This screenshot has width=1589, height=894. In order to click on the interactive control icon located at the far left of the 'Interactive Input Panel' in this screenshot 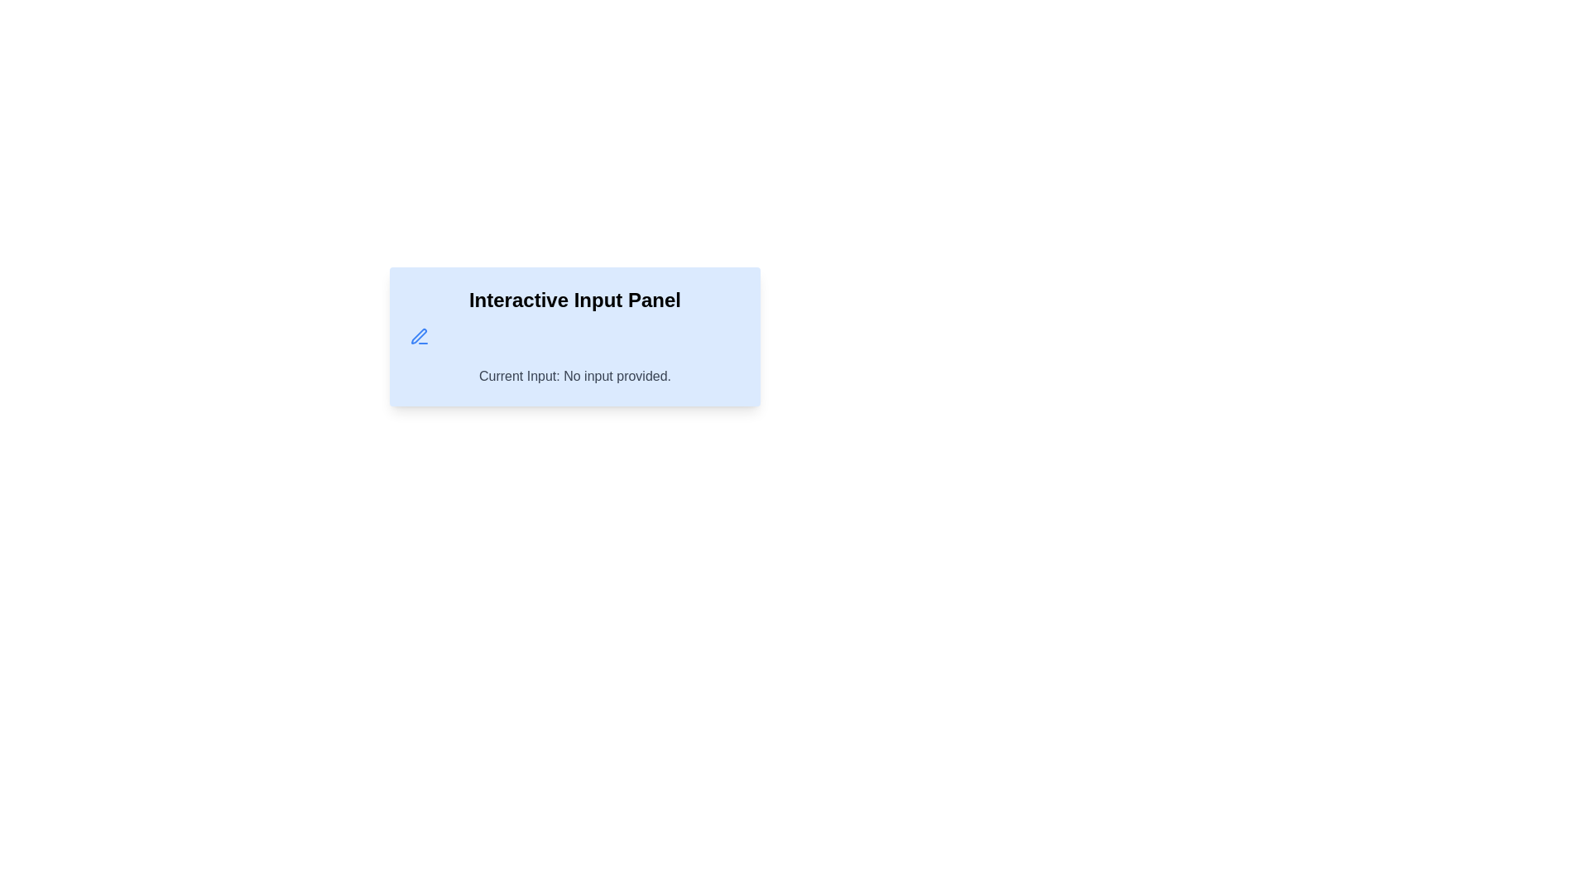, I will do `click(420, 336)`.